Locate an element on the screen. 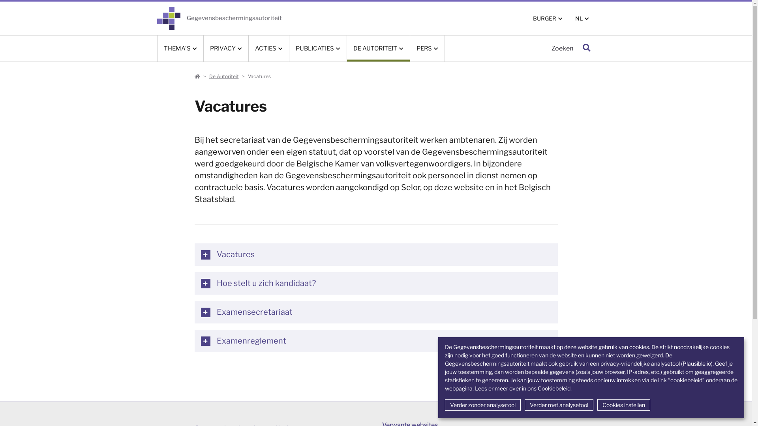  'BURGER' is located at coordinates (547, 18).